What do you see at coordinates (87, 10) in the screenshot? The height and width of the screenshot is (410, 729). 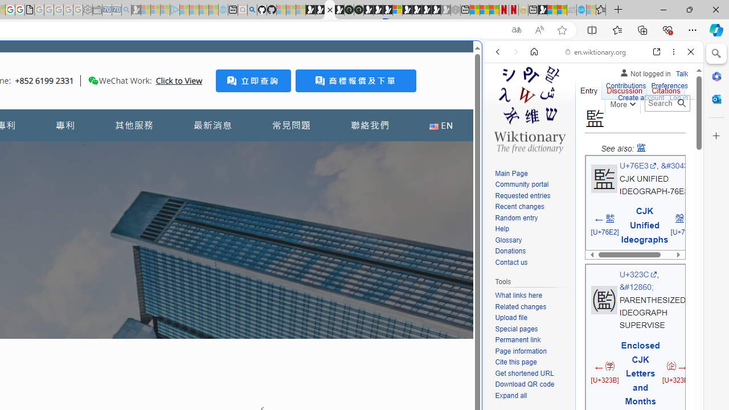 I see `'Settings - Sleeping'` at bounding box center [87, 10].